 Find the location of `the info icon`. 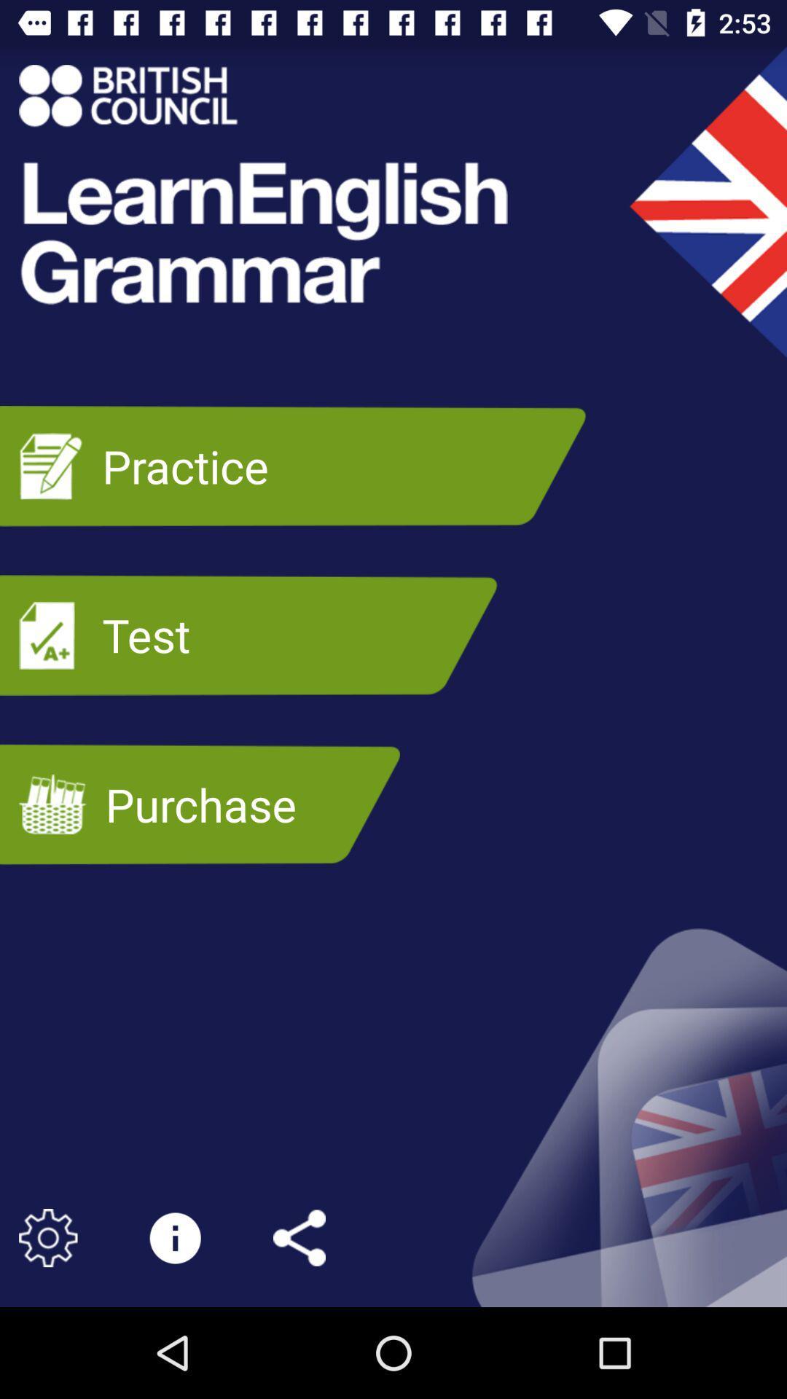

the info icon is located at coordinates (174, 1237).